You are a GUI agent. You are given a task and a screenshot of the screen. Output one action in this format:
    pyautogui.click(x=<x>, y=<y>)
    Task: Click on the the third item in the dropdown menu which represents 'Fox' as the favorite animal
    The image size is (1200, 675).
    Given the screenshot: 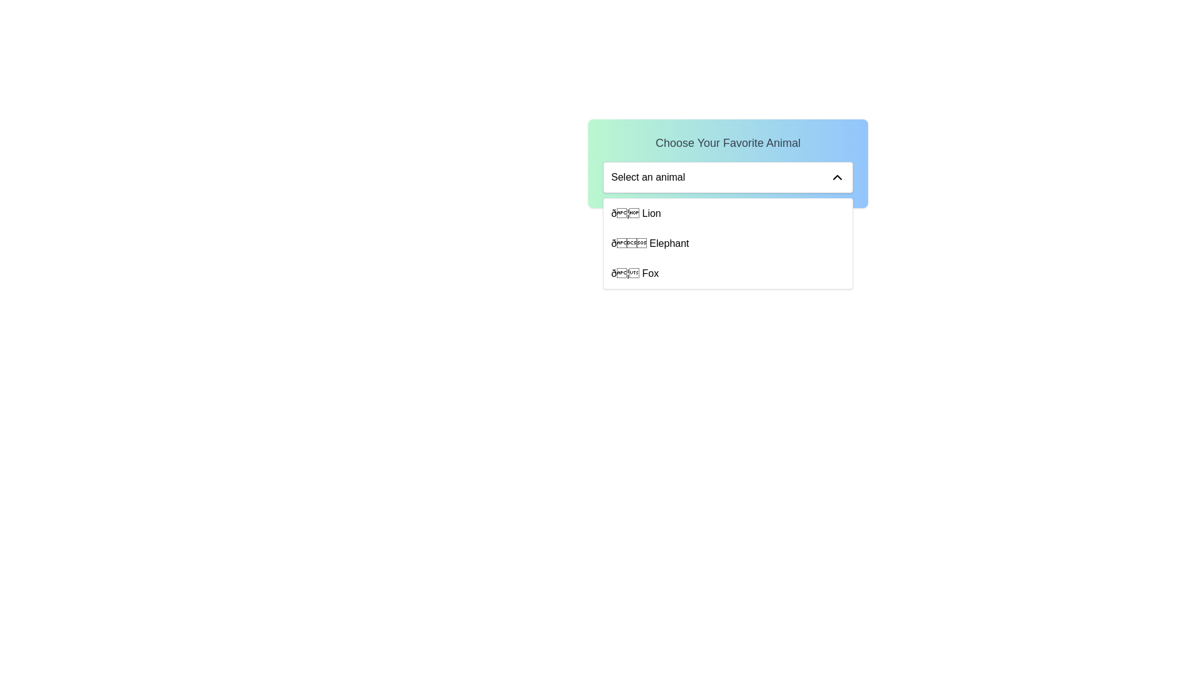 What is the action you would take?
    pyautogui.click(x=635, y=273)
    